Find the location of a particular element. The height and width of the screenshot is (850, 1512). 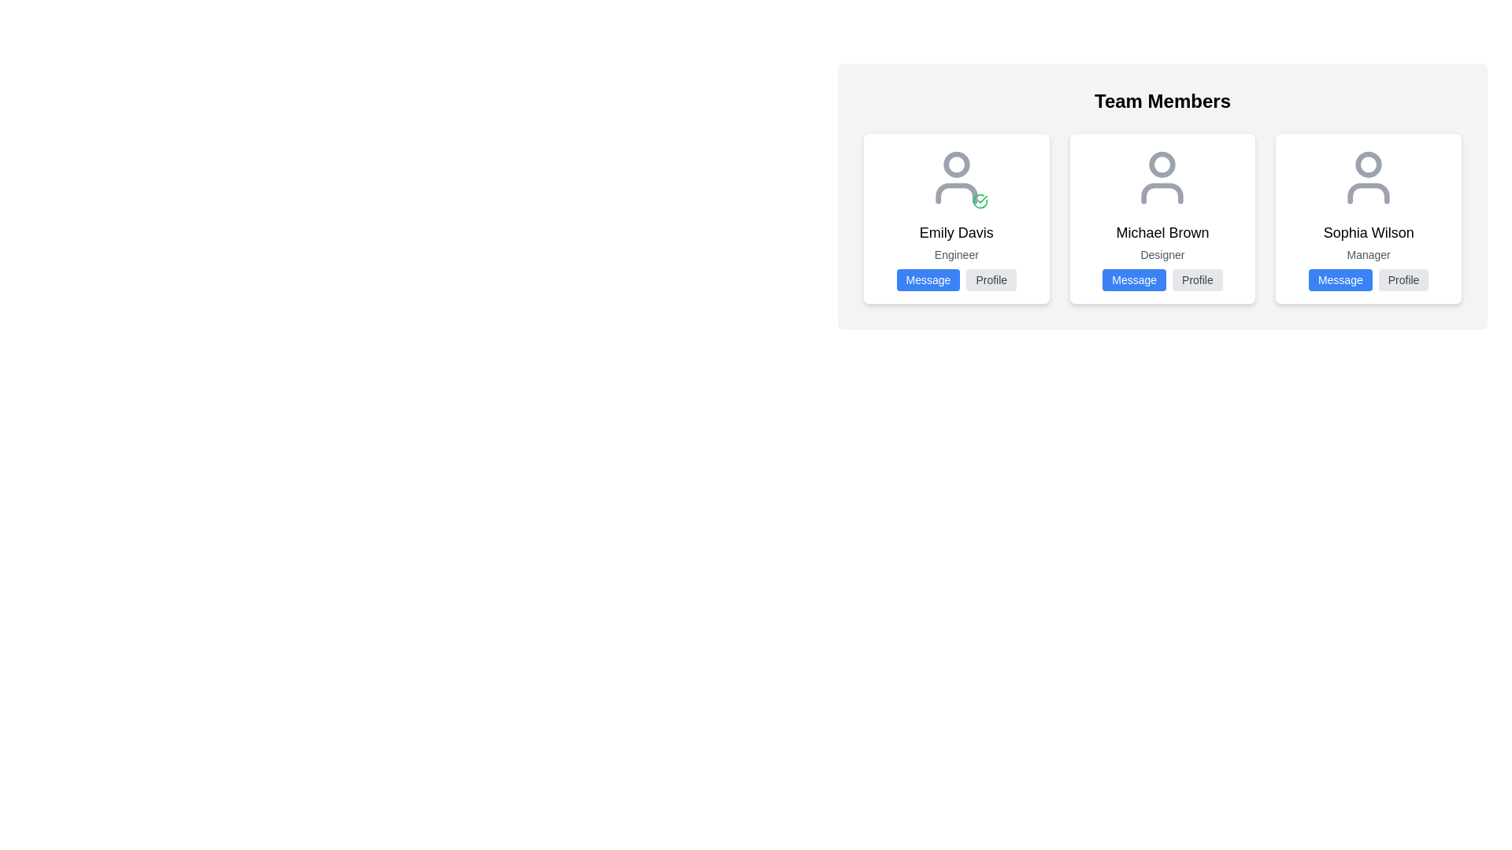

the 'Team Members' text label, which serves as a section title above the grid of user cards is located at coordinates (1162, 101).